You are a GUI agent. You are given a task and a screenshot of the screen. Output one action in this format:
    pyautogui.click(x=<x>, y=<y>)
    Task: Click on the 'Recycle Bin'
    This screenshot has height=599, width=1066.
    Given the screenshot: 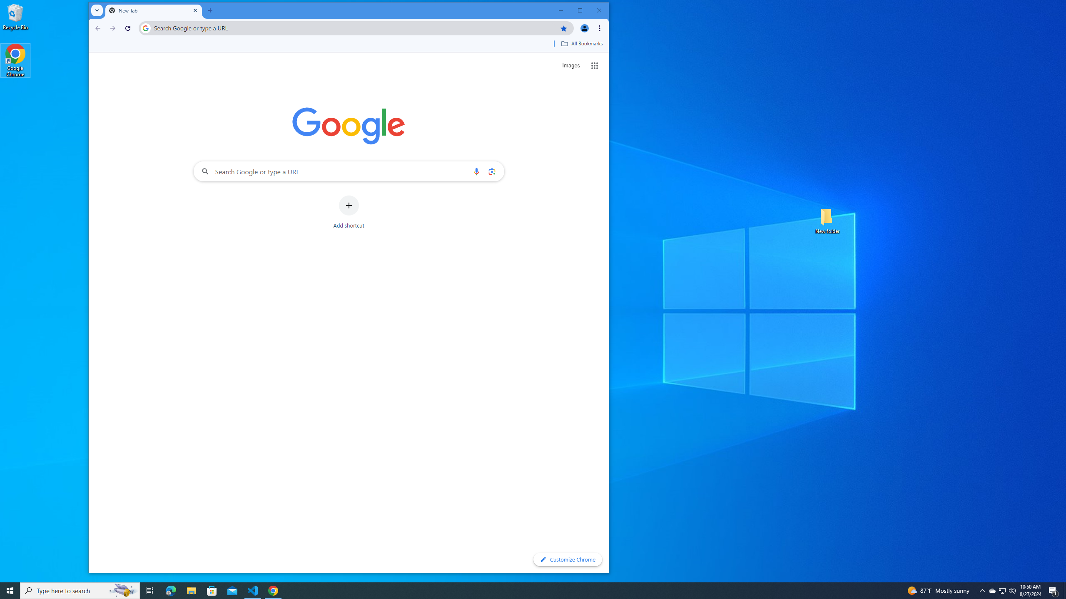 What is the action you would take?
    pyautogui.click(x=15, y=16)
    